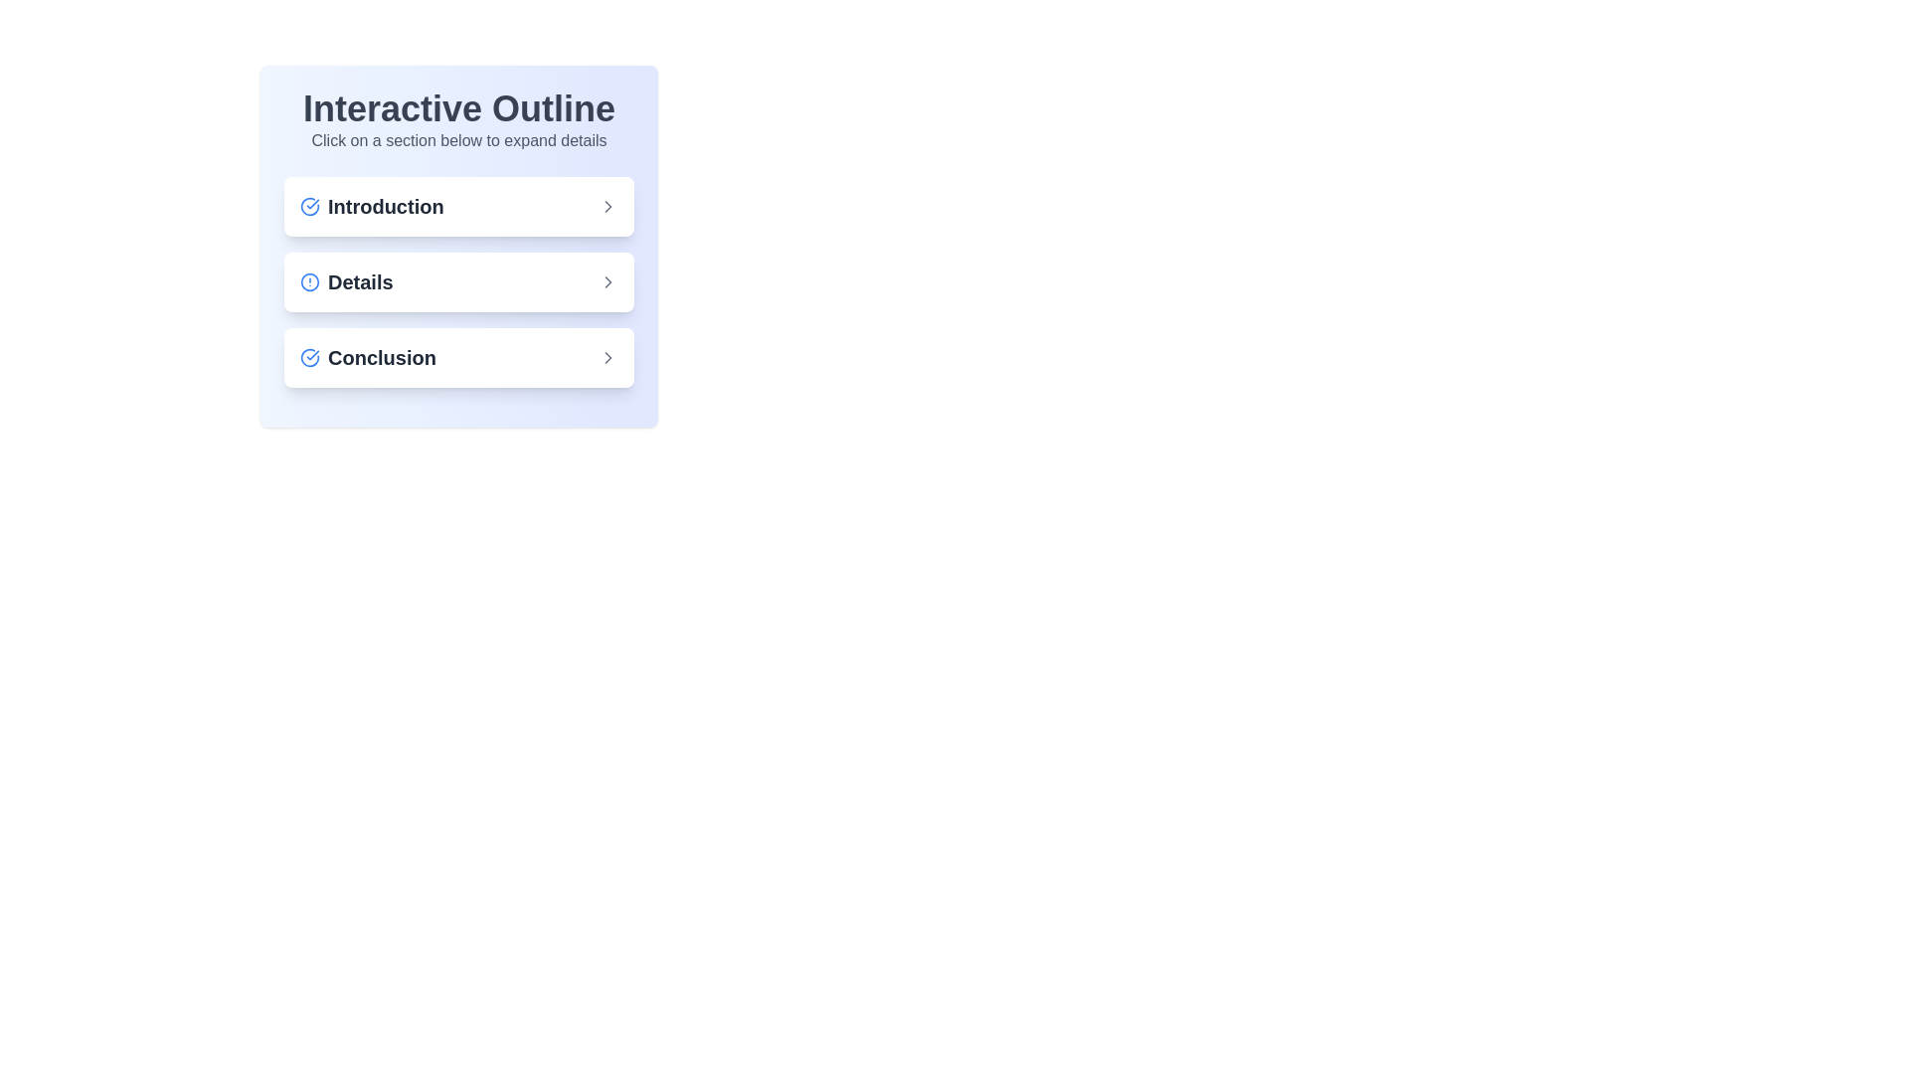 This screenshot has width=1909, height=1074. What do you see at coordinates (309, 356) in the screenshot?
I see `the blue check mark icon located to the left of the 'Conclusion' text in the horizontal layout` at bounding box center [309, 356].